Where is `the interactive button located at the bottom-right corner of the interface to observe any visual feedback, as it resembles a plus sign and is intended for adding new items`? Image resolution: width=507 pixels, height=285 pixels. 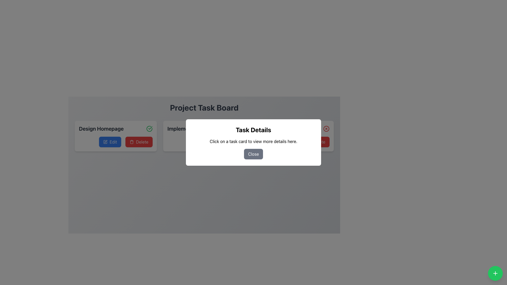 the interactive button located at the bottom-right corner of the interface to observe any visual feedback, as it resembles a plus sign and is intended for adding new items is located at coordinates (495, 273).